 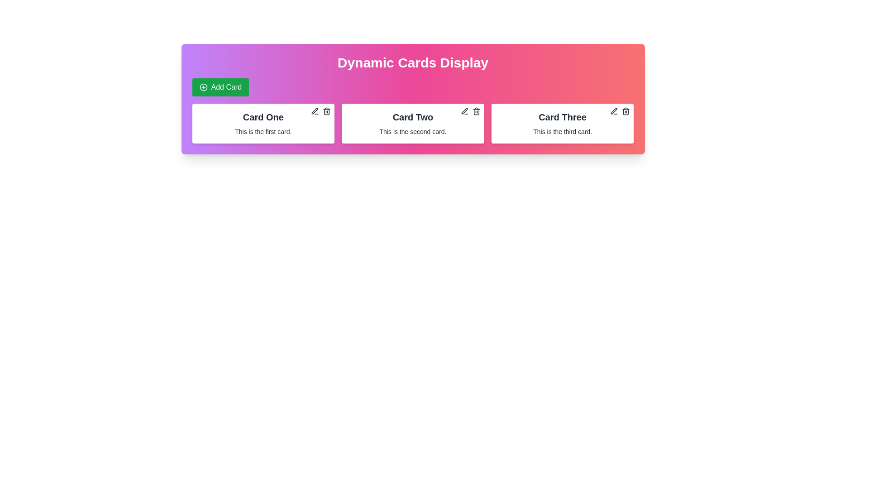 What do you see at coordinates (412, 62) in the screenshot?
I see `the text label displaying 'Dynamic Cards Display', which serves as an introductory heading for the widget` at bounding box center [412, 62].